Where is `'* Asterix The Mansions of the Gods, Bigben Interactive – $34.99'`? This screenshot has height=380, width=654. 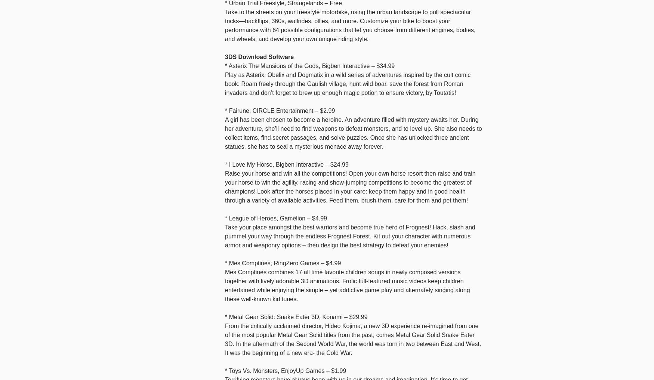
'* Asterix The Mansions of the Gods, Bigben Interactive – $34.99' is located at coordinates (309, 65).